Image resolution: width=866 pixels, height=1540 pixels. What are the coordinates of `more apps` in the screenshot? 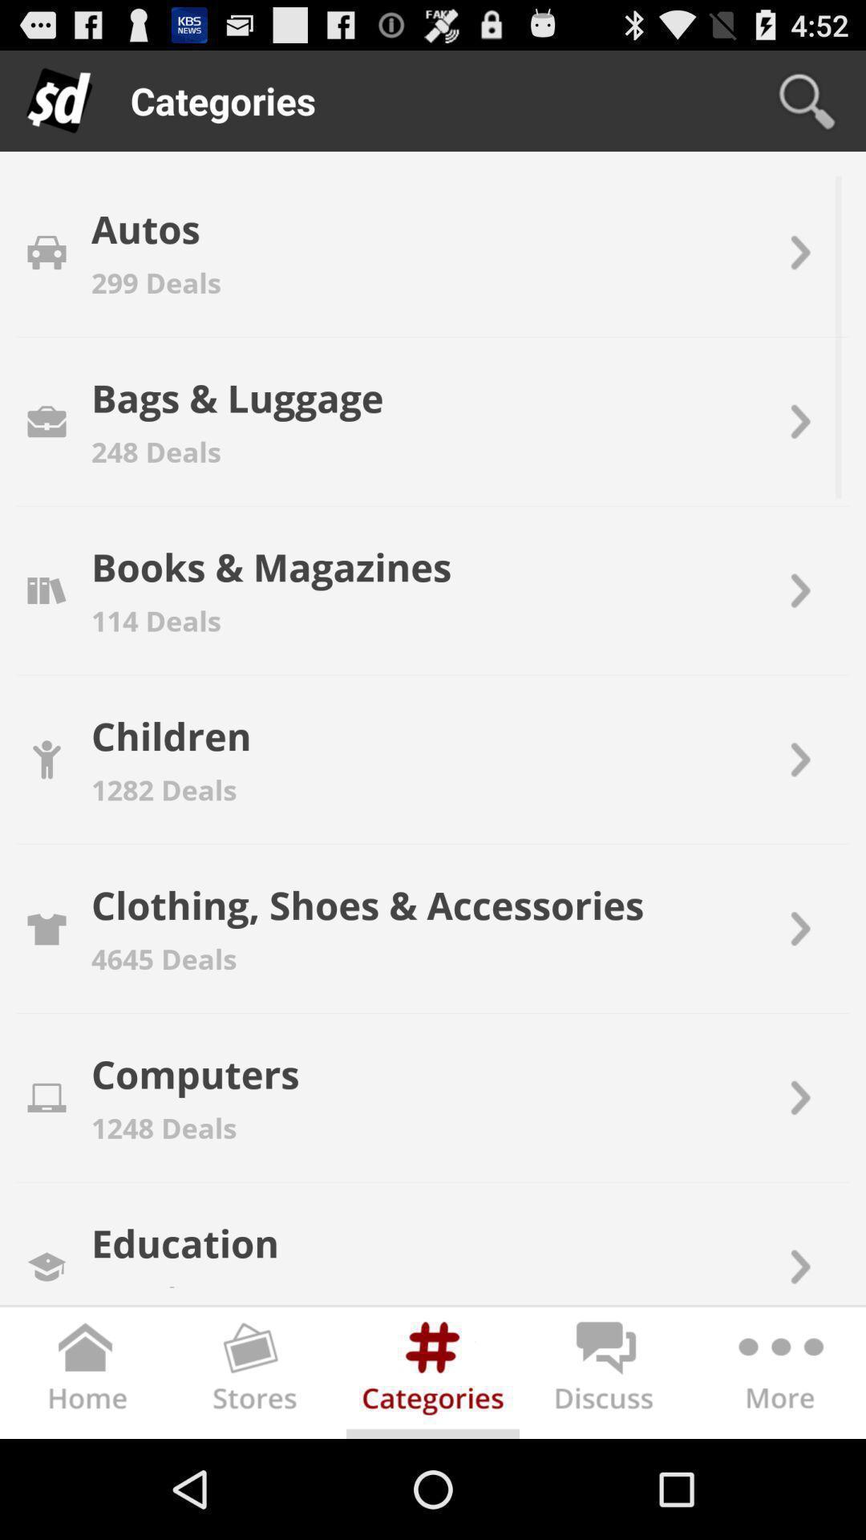 It's located at (778, 1375).